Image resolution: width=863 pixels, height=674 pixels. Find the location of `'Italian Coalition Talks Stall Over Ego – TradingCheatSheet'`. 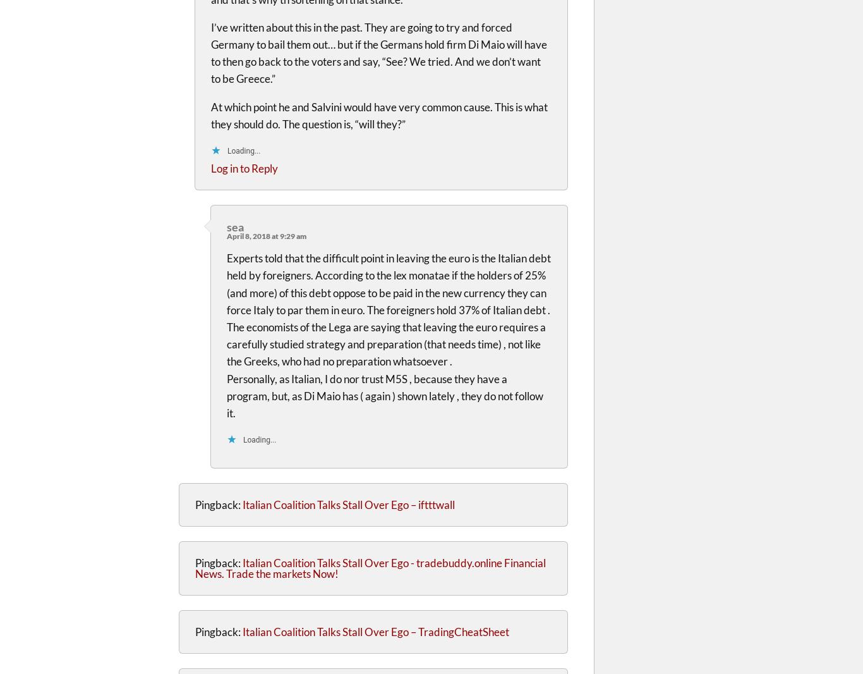

'Italian Coalition Talks Stall Over Ego – TradingCheatSheet' is located at coordinates (375, 632).